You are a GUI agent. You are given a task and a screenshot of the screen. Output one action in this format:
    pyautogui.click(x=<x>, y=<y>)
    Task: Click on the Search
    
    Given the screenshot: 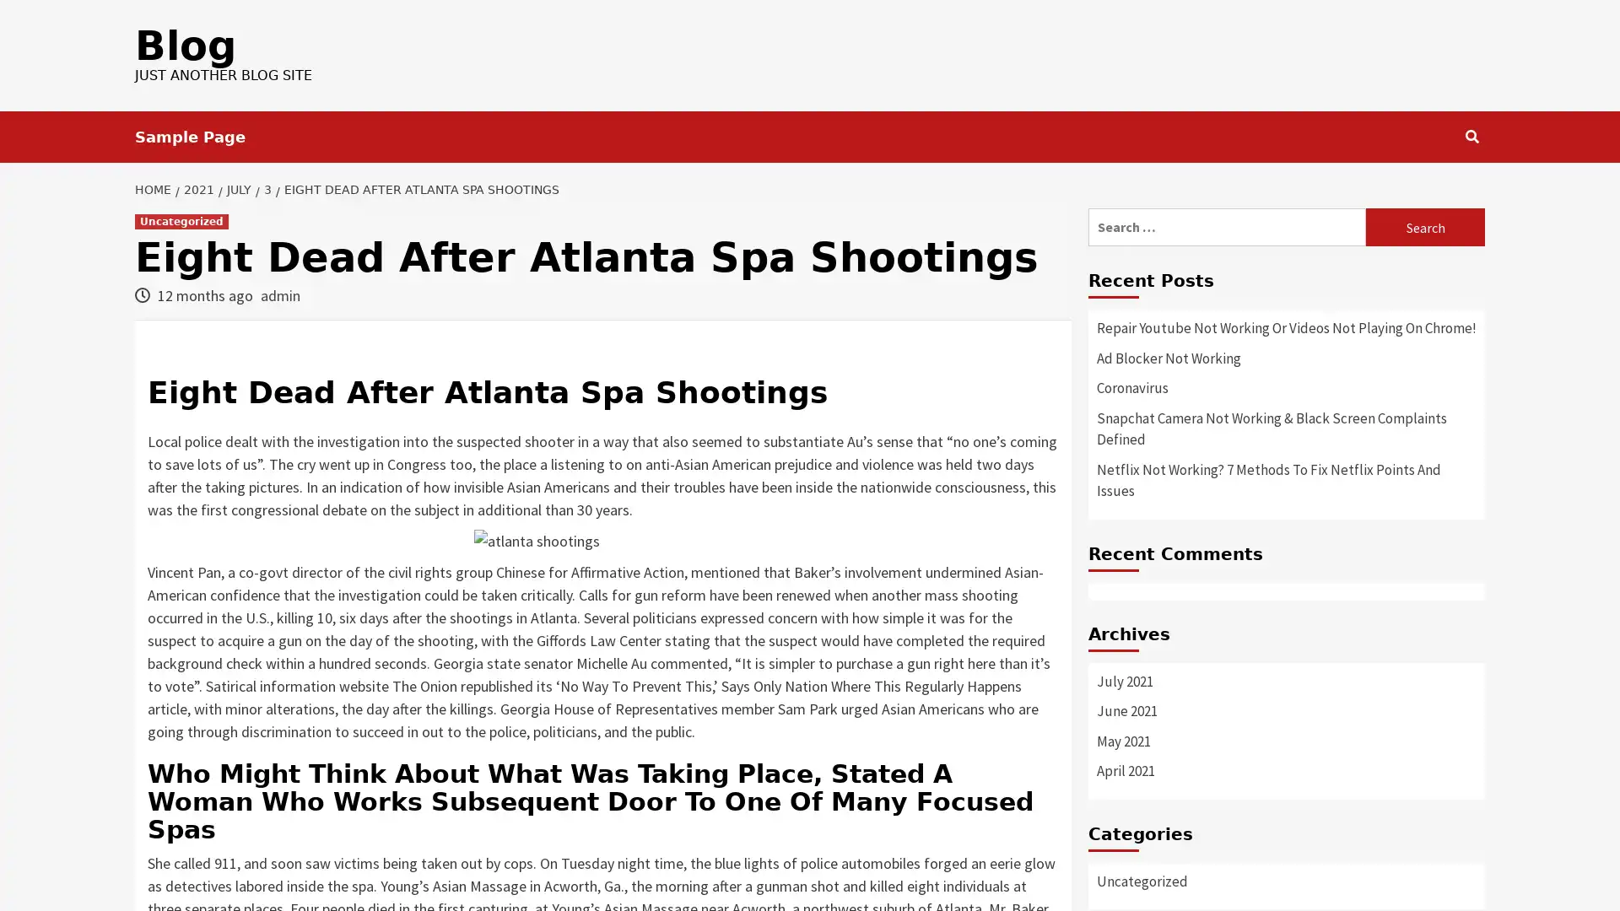 What is the action you would take?
    pyautogui.click(x=1424, y=226)
    